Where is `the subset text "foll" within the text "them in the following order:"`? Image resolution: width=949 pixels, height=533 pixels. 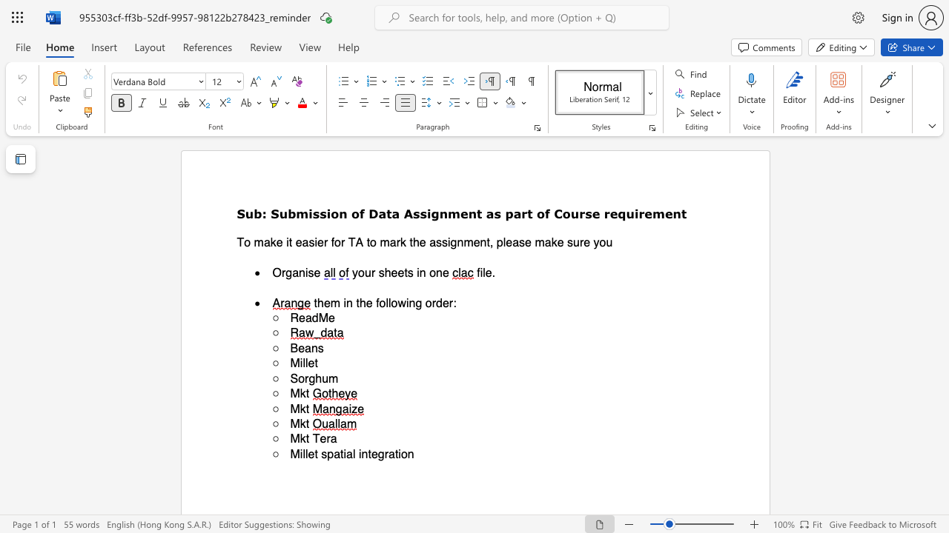 the subset text "foll" within the text "them in the following order:" is located at coordinates (376, 302).